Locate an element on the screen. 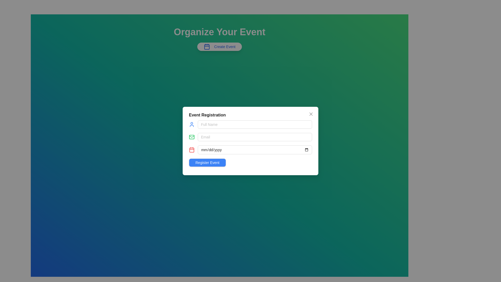 This screenshot has width=501, height=282. the central rectangular shape within the calendar icon, which is located to the left of the 'Create Event' button is located at coordinates (206, 47).